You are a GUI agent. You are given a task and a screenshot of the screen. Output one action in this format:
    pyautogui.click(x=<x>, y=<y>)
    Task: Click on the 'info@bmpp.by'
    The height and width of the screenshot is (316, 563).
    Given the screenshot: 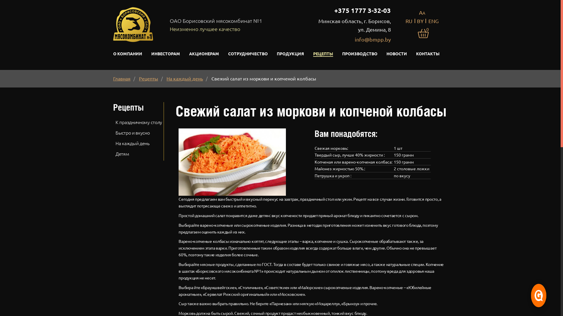 What is the action you would take?
    pyautogui.click(x=354, y=39)
    